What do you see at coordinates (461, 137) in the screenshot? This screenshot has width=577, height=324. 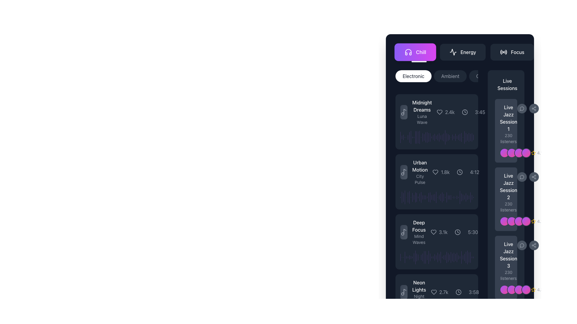 I see `the 42nd vertical bar in the histogram-like display, which is styled in a semi-transparent purple shade and located within the 'Live Jazz Session 3' panel` at bounding box center [461, 137].